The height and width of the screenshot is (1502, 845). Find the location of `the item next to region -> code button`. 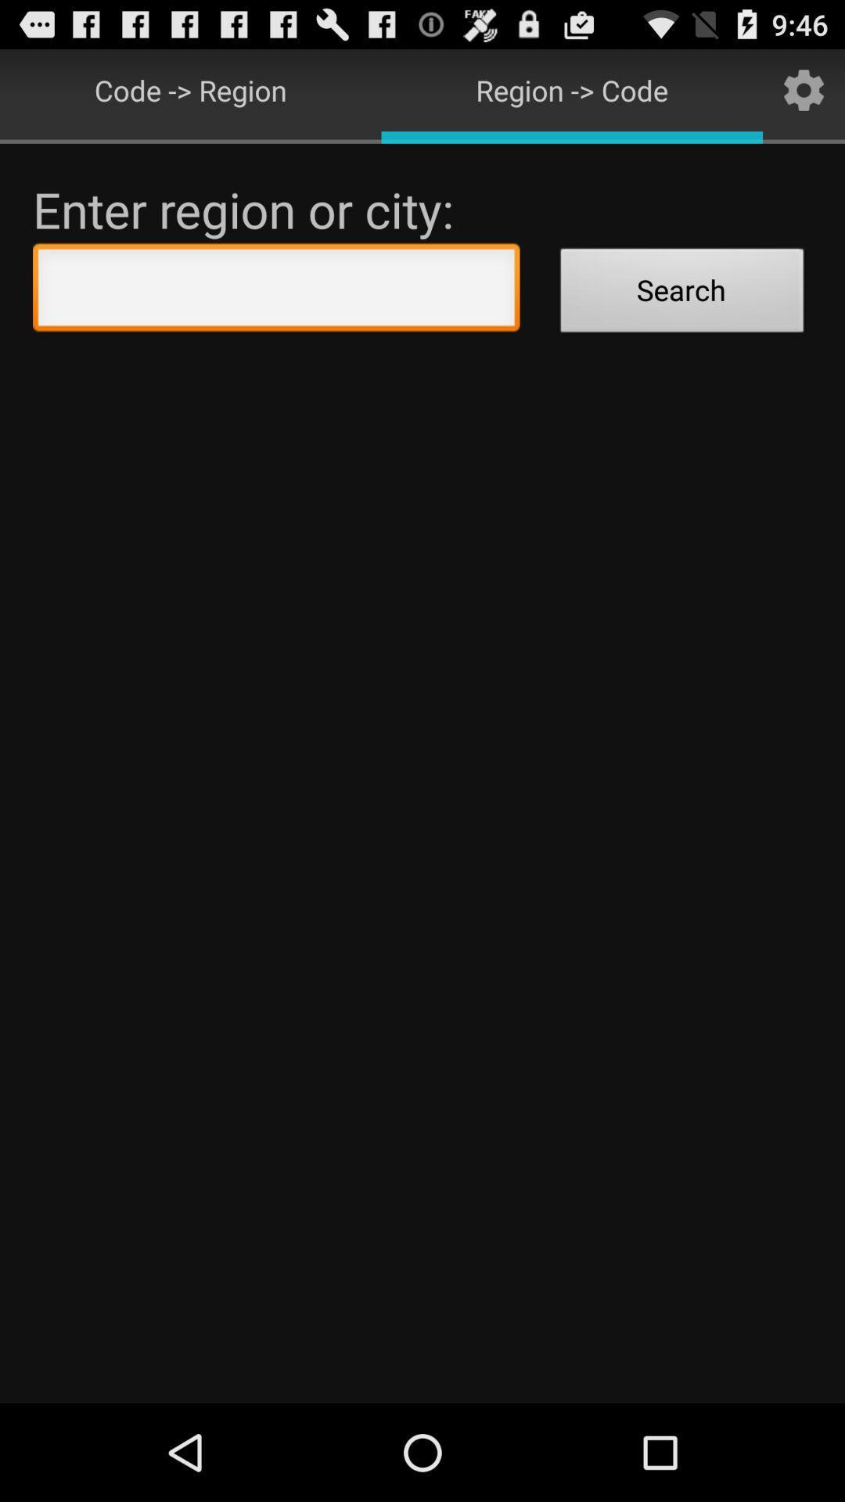

the item next to region -> code button is located at coordinates (804, 89).